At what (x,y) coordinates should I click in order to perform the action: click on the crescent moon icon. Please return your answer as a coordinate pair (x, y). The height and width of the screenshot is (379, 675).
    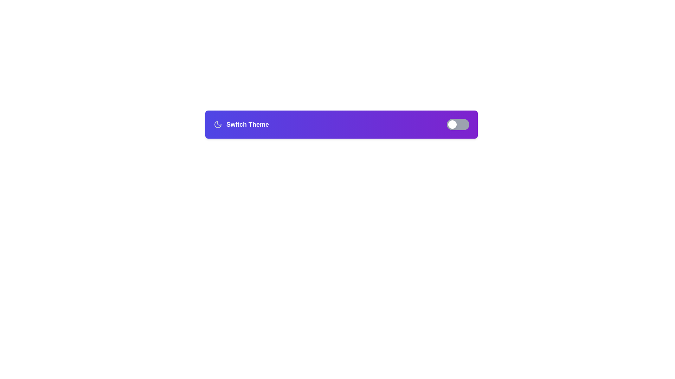
    Looking at the image, I should click on (217, 124).